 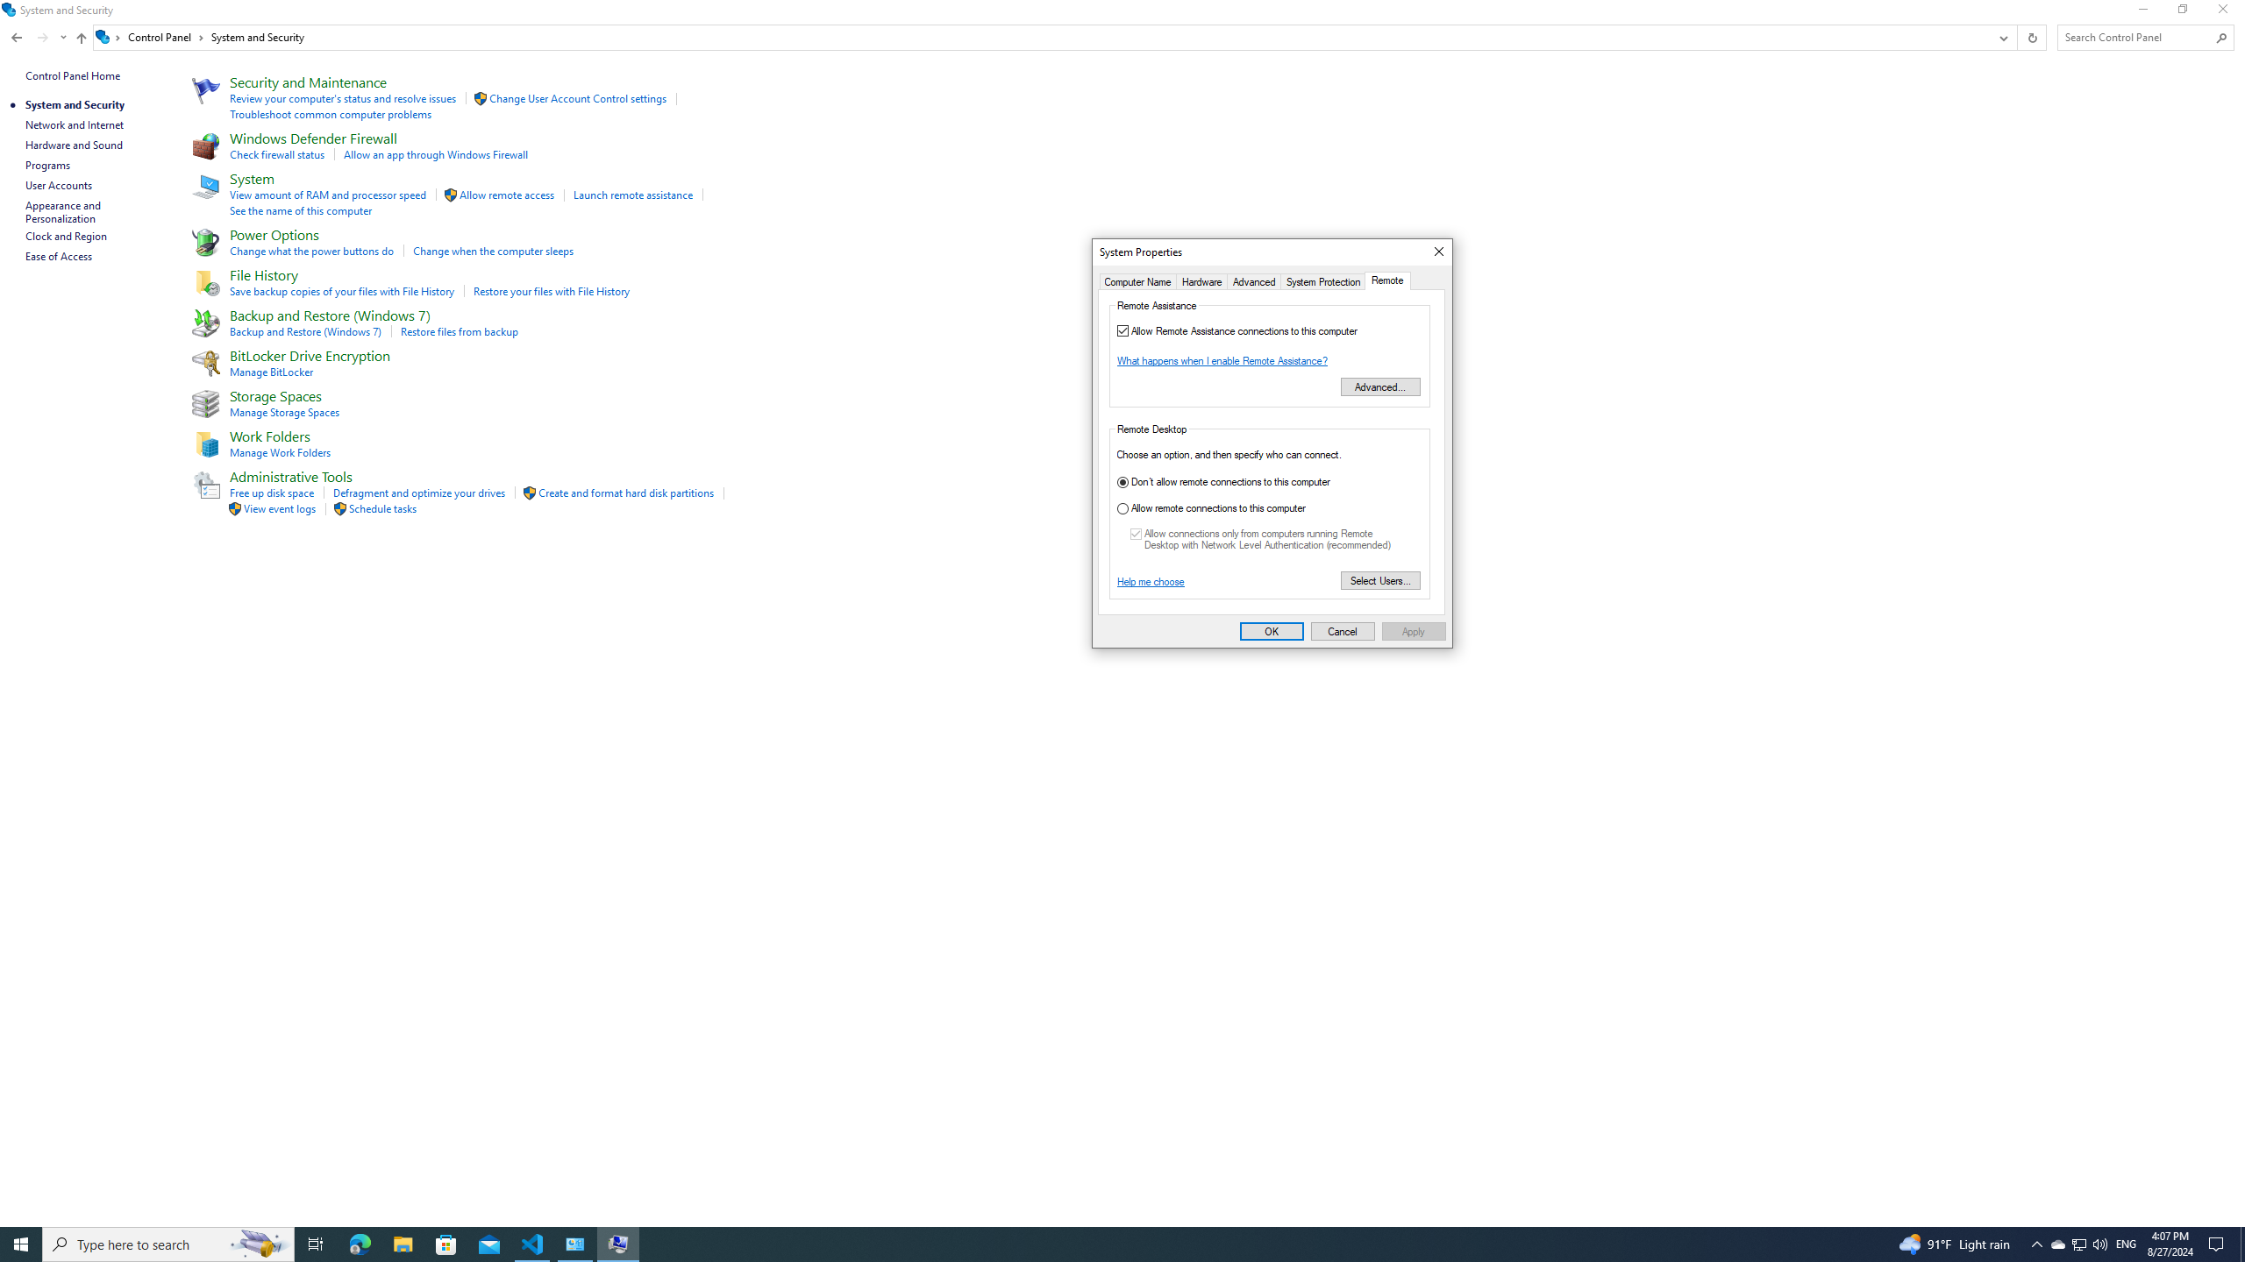 I want to click on 'OK', so click(x=1272, y=631).